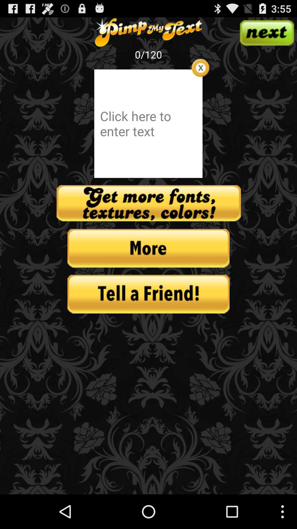 The image size is (297, 529). I want to click on textures colors, so click(148, 203).